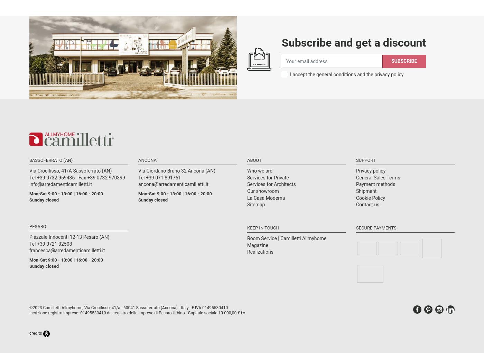 This screenshot has height=353, width=484. Describe the element at coordinates (365, 159) in the screenshot. I see `'Support'` at that location.